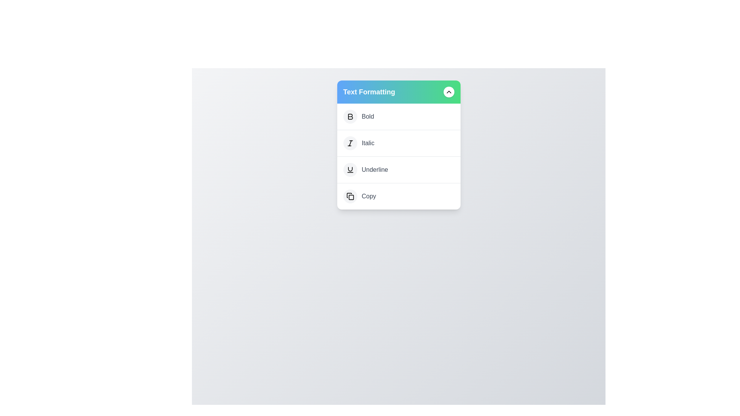 The height and width of the screenshot is (416, 740). Describe the element at coordinates (449, 92) in the screenshot. I see `the header button to toggle the menu visibility` at that location.